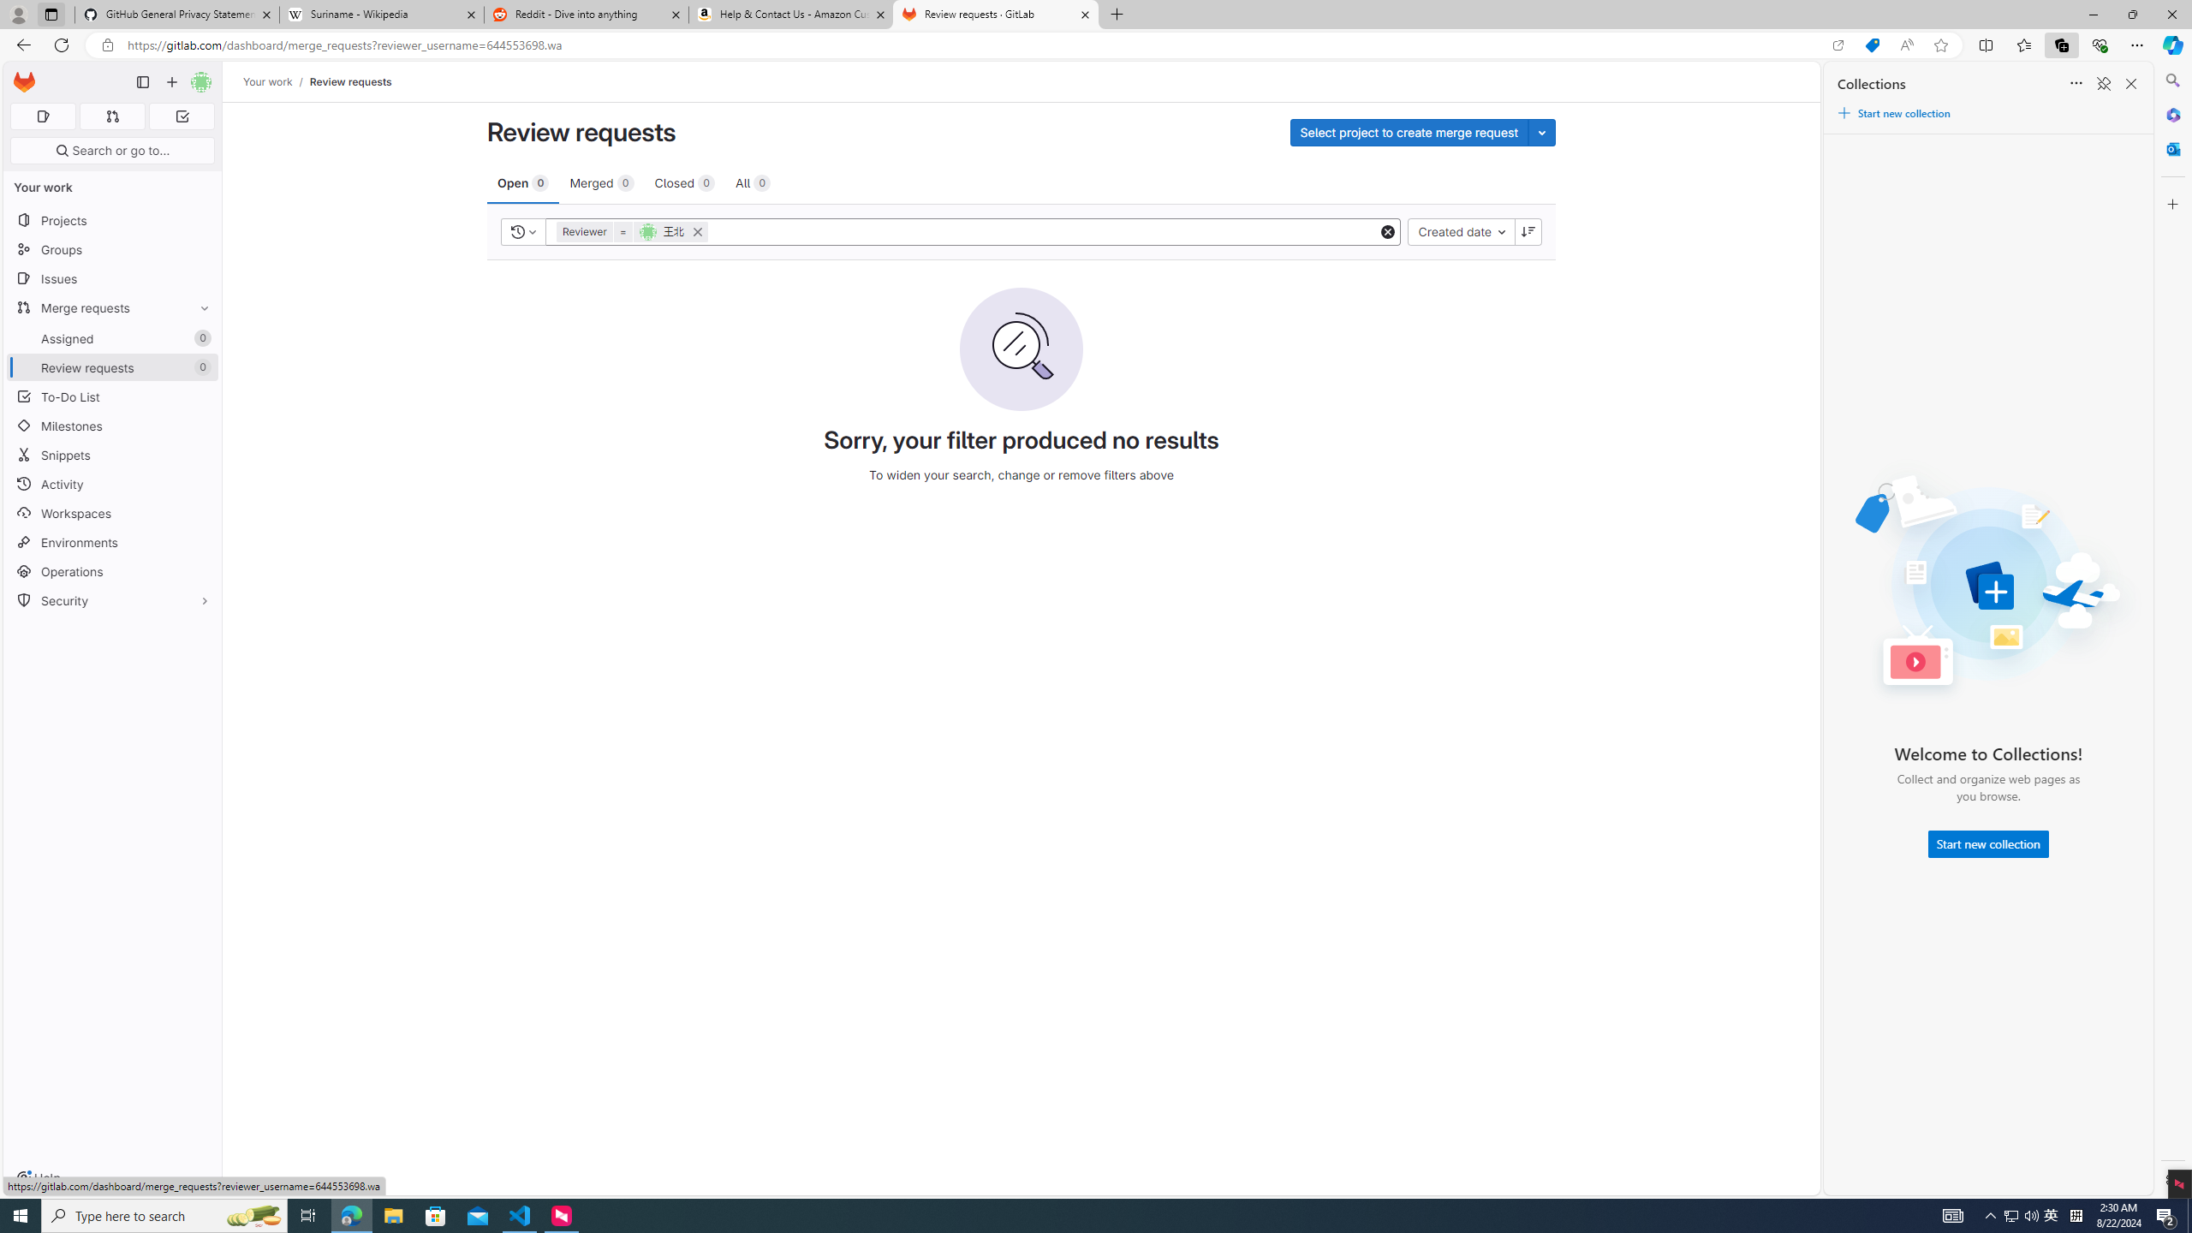  What do you see at coordinates (753, 182) in the screenshot?
I see `'All 0'` at bounding box center [753, 182].